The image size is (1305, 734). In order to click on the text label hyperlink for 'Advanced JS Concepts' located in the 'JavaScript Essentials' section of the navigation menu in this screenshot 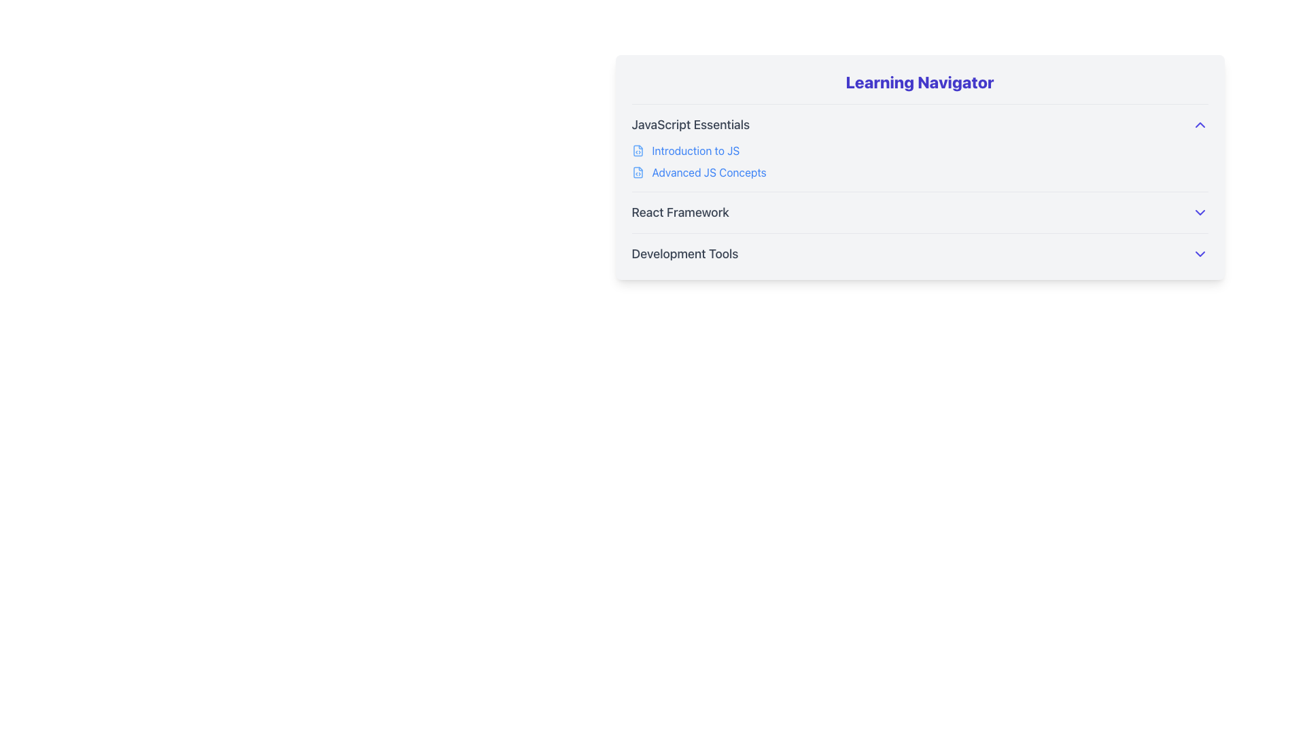, I will do `click(708, 172)`.